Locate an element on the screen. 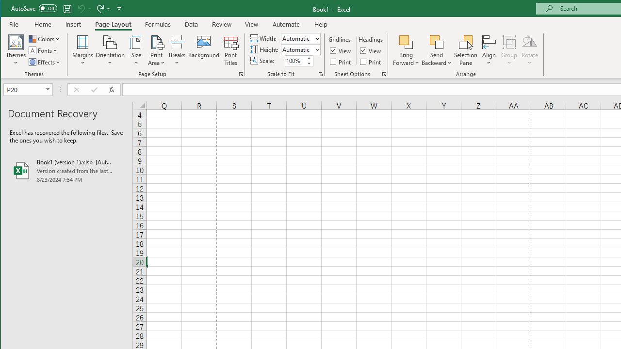 This screenshot has height=349, width=621. 'Size' is located at coordinates (135, 50).